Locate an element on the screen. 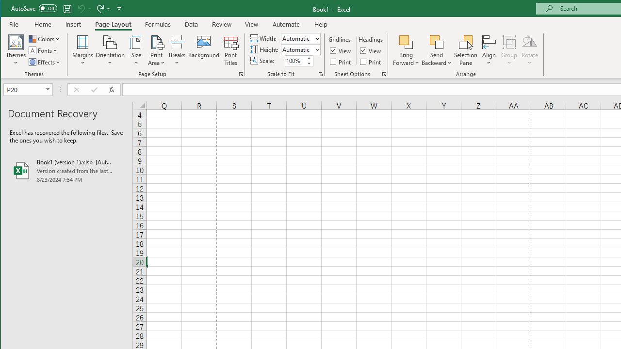 This screenshot has height=349, width=621. 'Size' is located at coordinates (135, 50).